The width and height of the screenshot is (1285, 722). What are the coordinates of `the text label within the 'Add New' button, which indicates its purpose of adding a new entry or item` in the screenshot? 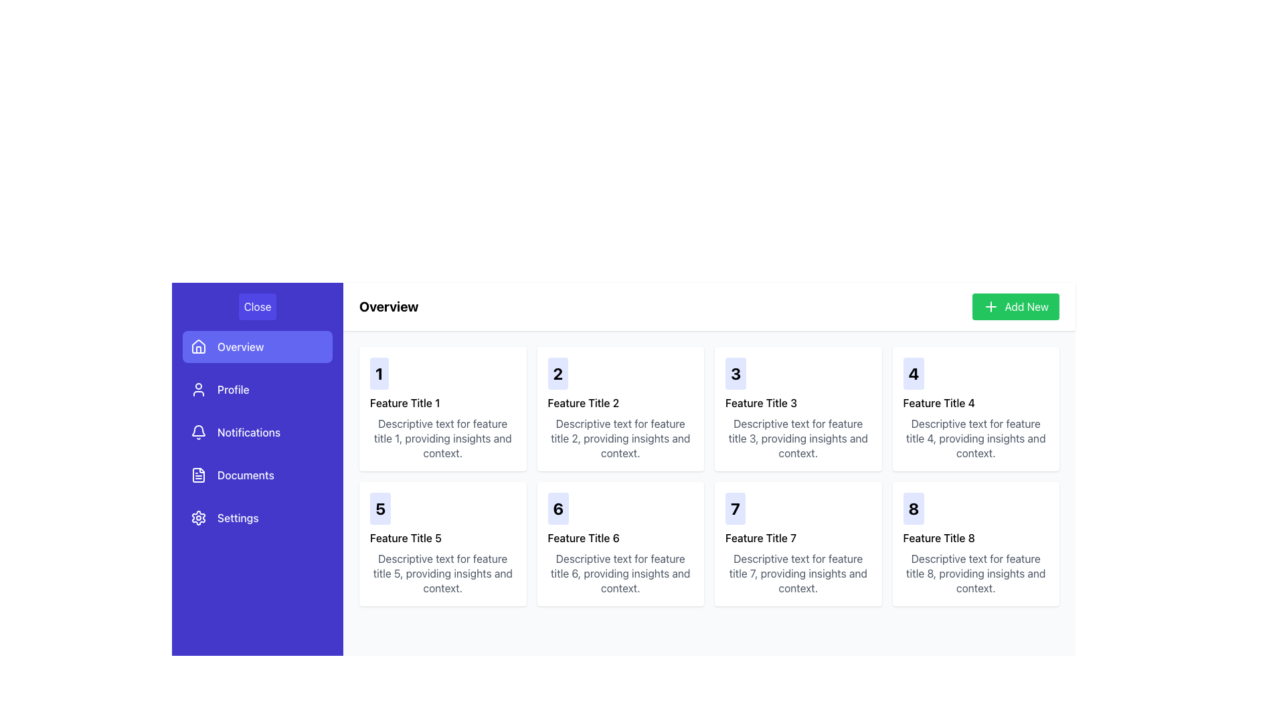 It's located at (1026, 307).